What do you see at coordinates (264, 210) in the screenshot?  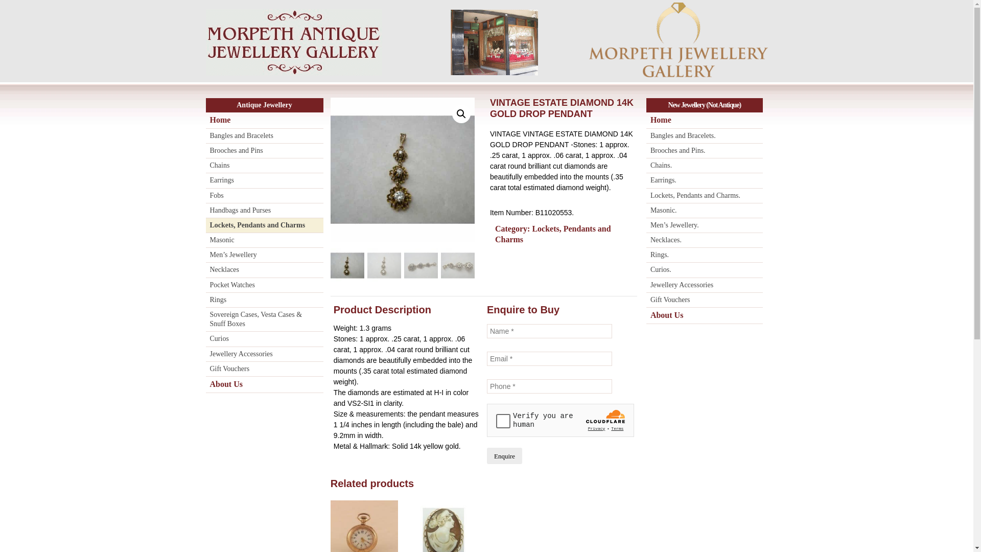 I see `'Handbags and Purses'` at bounding box center [264, 210].